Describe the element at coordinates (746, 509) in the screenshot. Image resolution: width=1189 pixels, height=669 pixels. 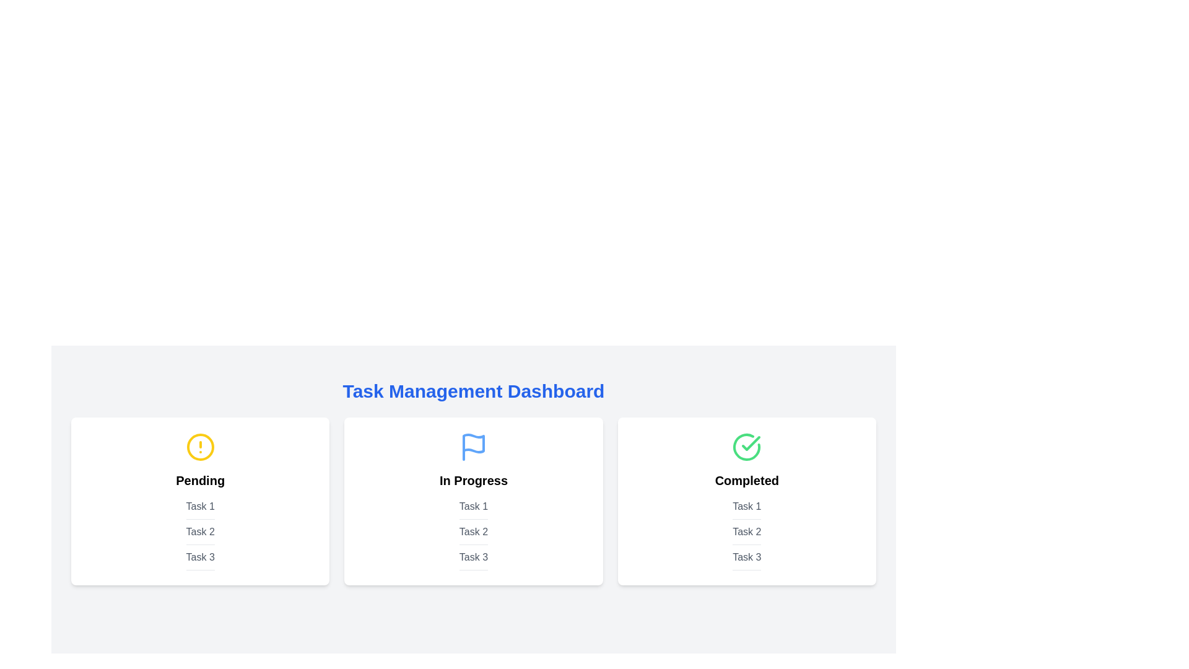
I see `the text item displaying 'Task 1' in the Completed section of the task management interface` at that location.